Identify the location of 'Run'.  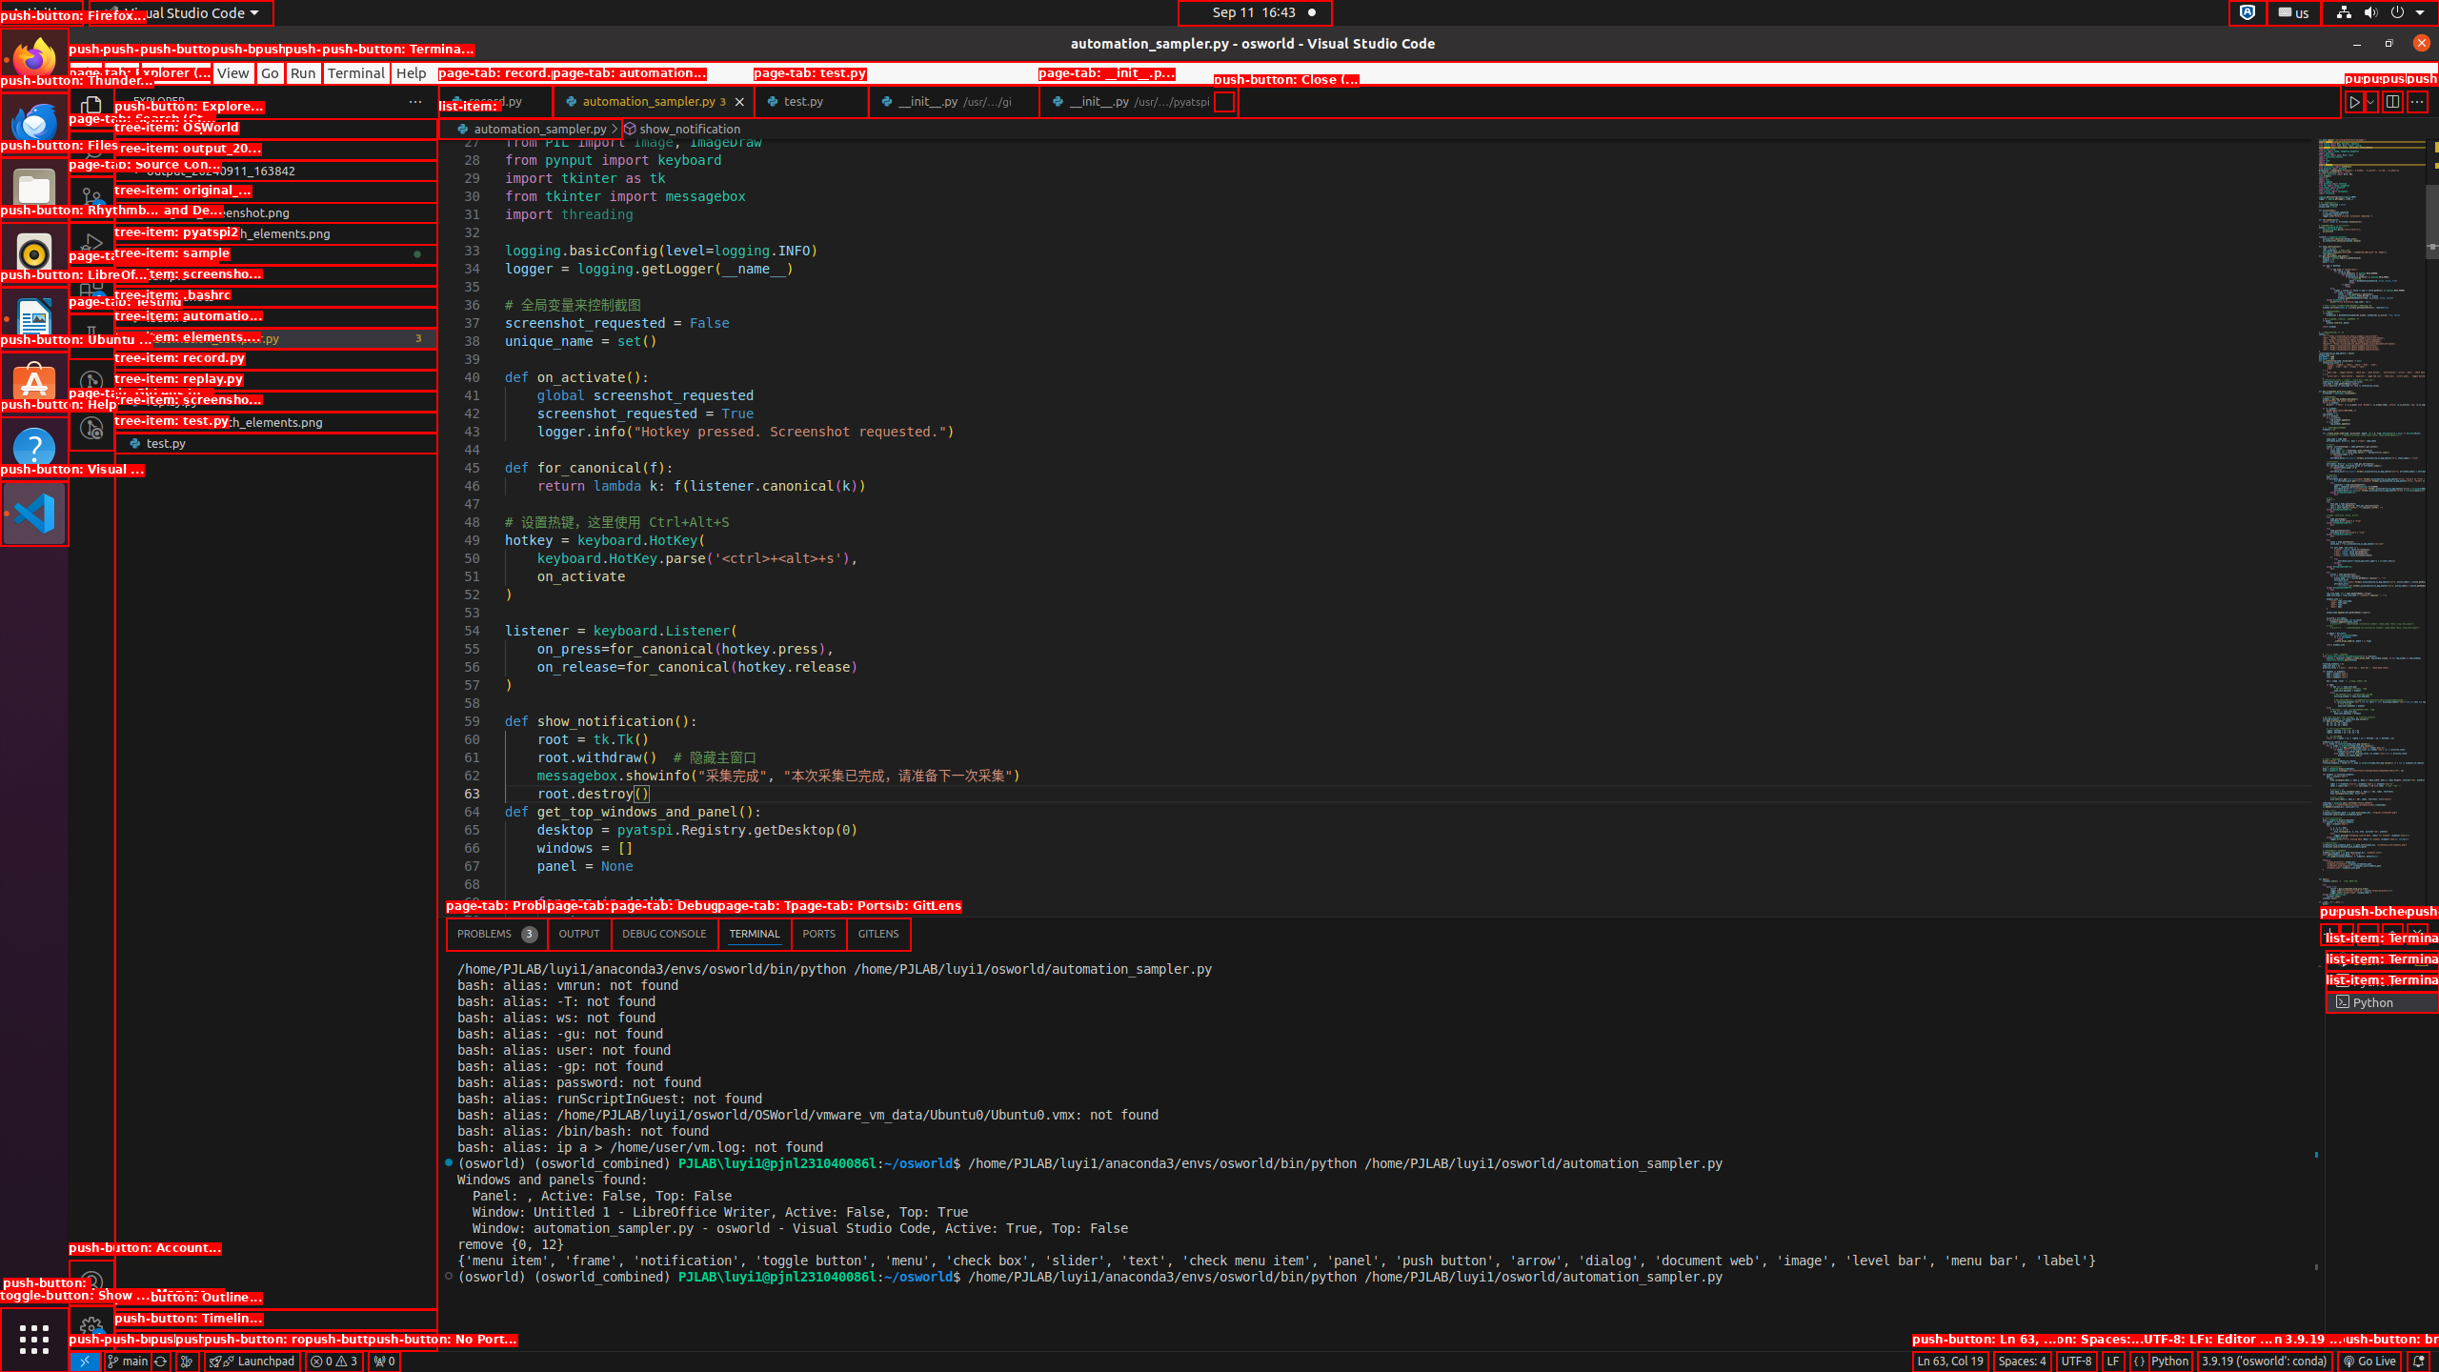
(302, 72).